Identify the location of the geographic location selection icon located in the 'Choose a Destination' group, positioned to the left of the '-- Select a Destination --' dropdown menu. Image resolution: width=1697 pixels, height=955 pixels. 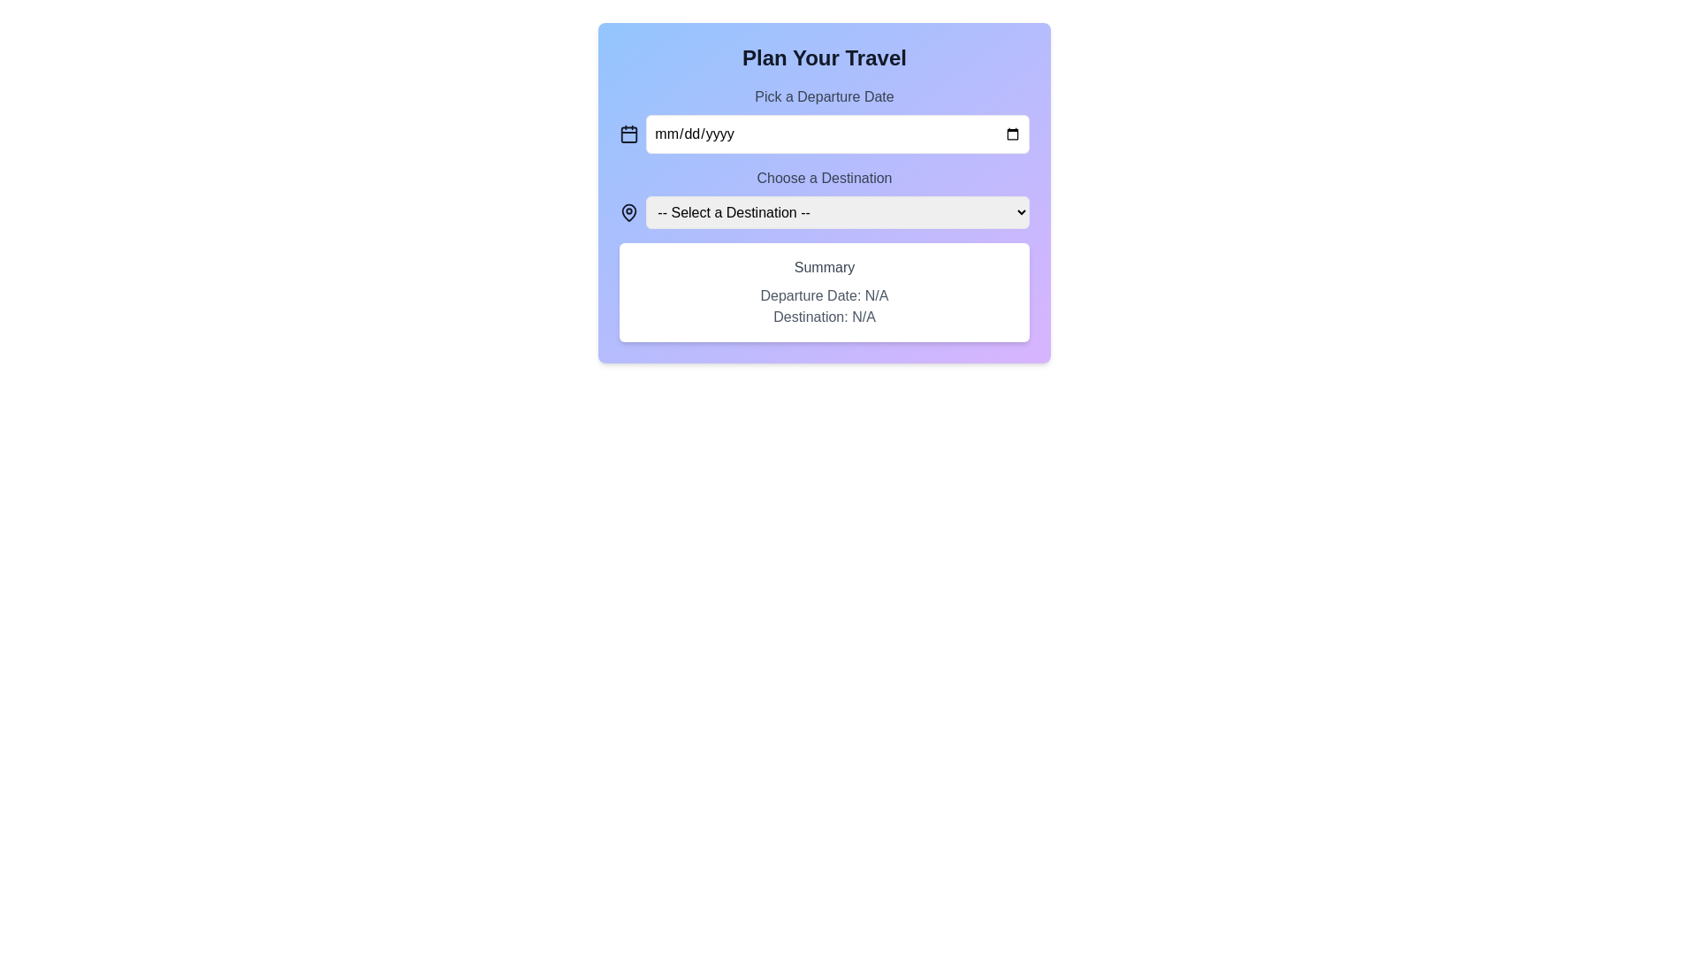
(629, 211).